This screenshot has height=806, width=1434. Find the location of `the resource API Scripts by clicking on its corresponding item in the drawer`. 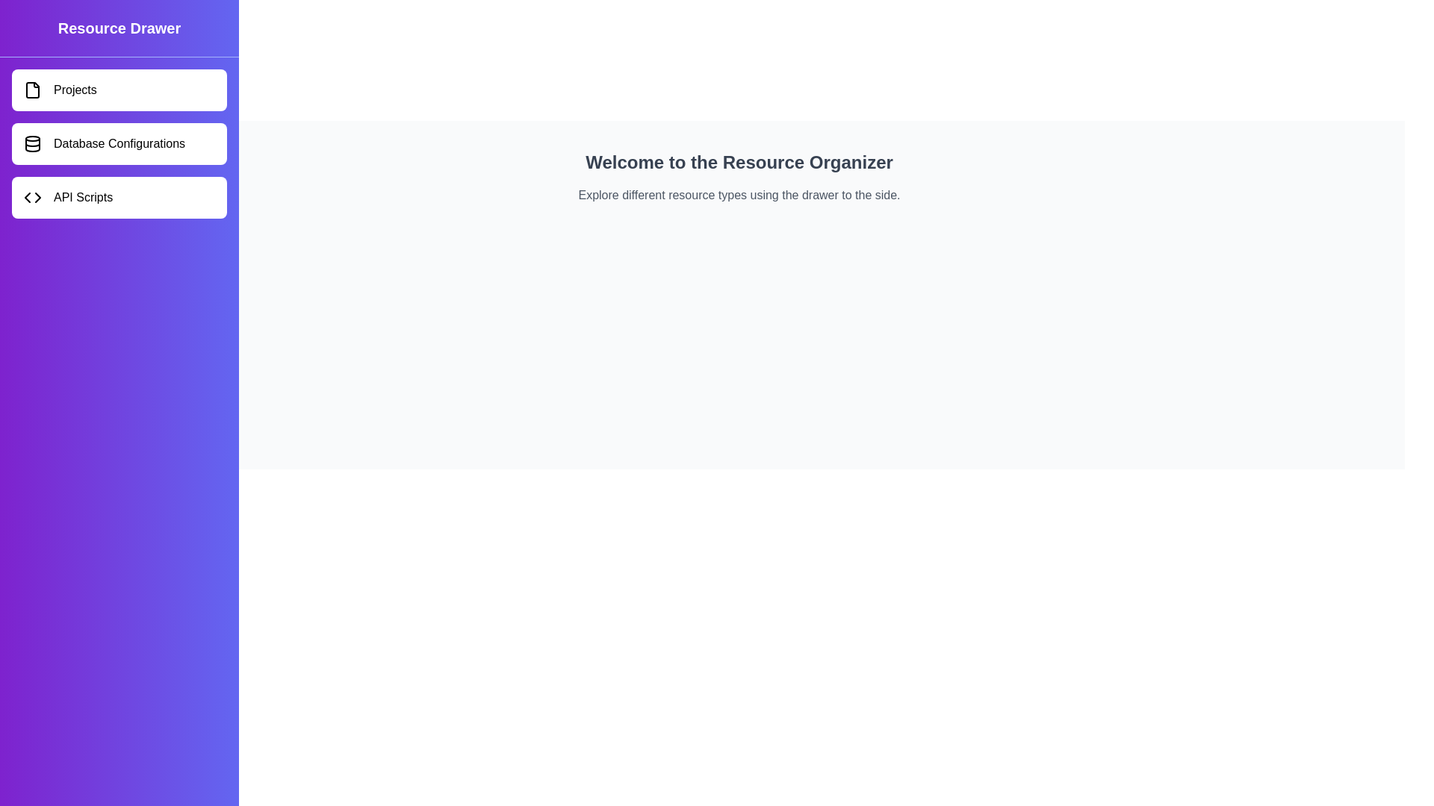

the resource API Scripts by clicking on its corresponding item in the drawer is located at coordinates (118, 197).